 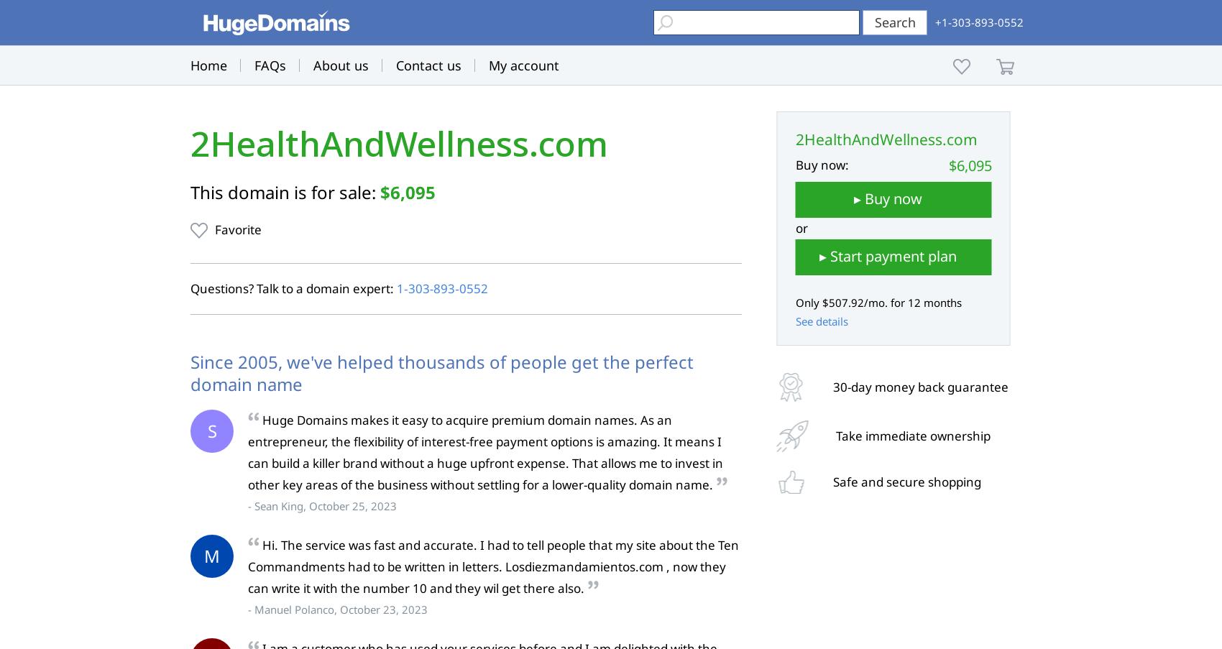 What do you see at coordinates (270, 65) in the screenshot?
I see `'FAQs'` at bounding box center [270, 65].